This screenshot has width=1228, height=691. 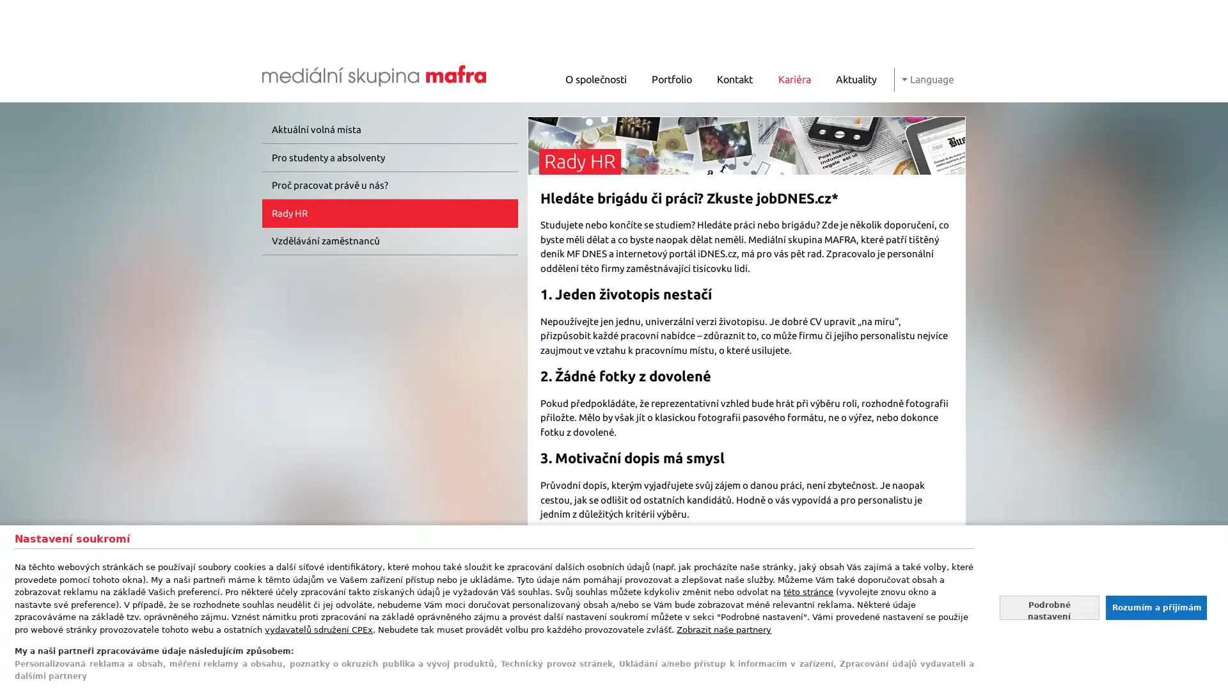 What do you see at coordinates (724, 628) in the screenshot?
I see `Zobrazit nase partnery` at bounding box center [724, 628].